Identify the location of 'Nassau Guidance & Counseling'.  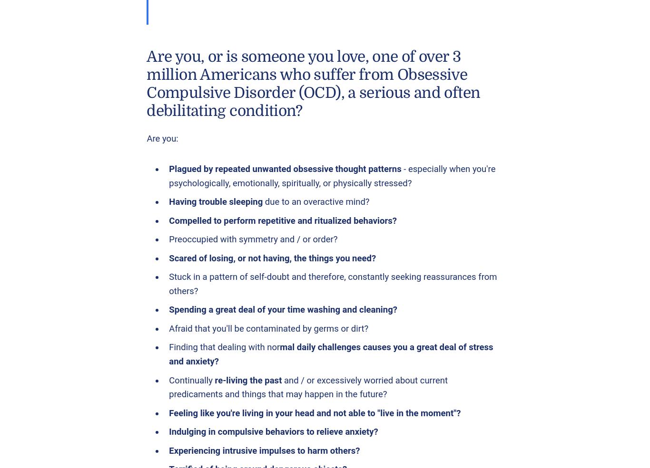
(412, 130).